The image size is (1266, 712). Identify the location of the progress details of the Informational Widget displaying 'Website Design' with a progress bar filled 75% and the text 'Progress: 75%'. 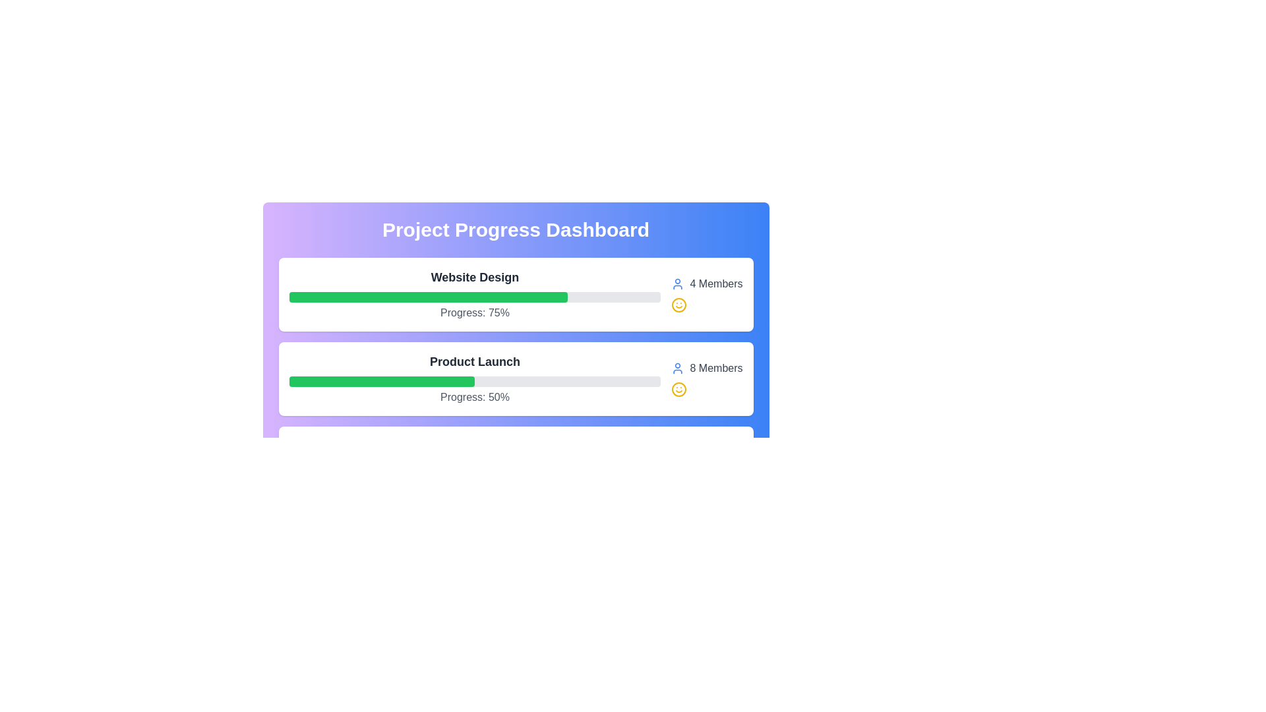
(475, 294).